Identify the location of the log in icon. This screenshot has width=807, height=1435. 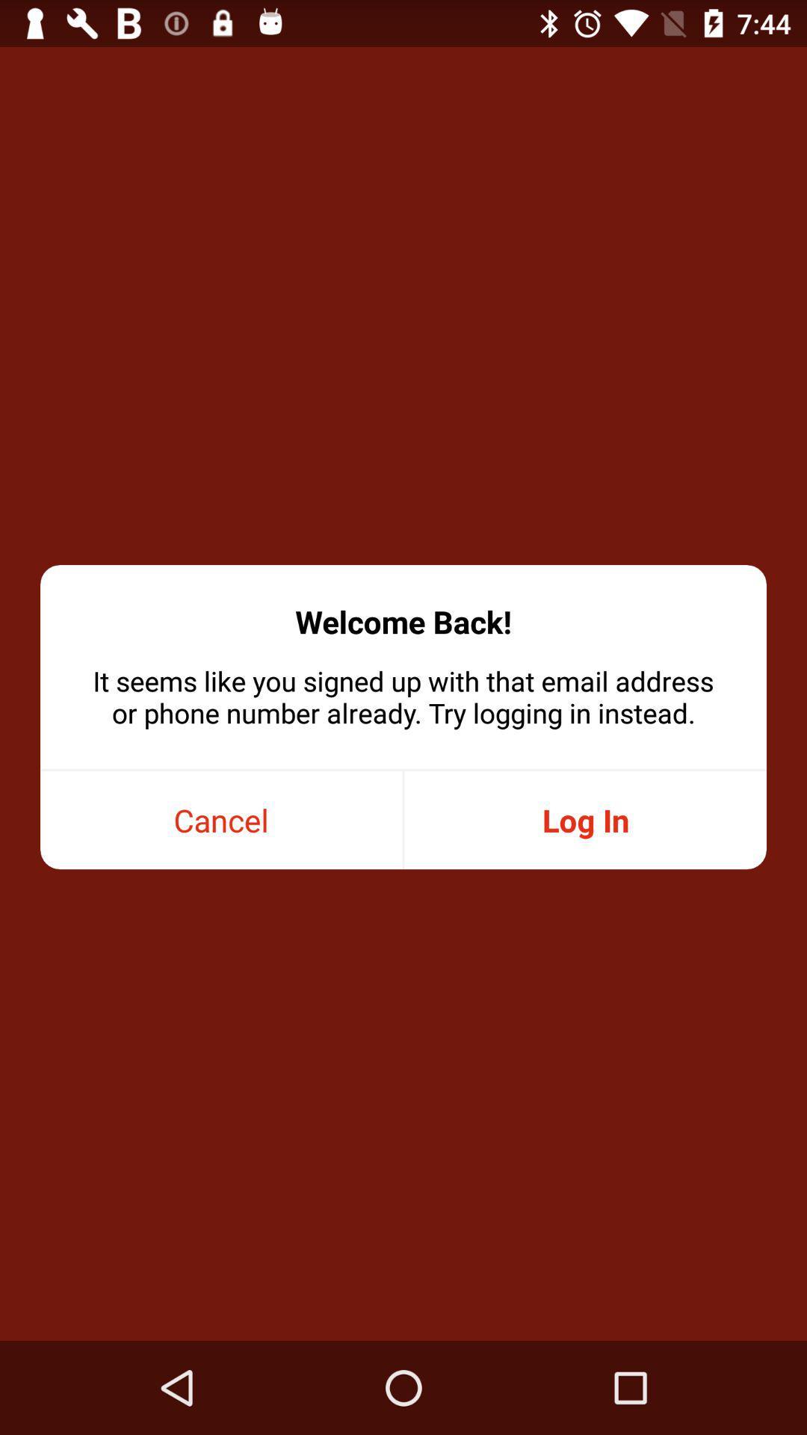
(584, 819).